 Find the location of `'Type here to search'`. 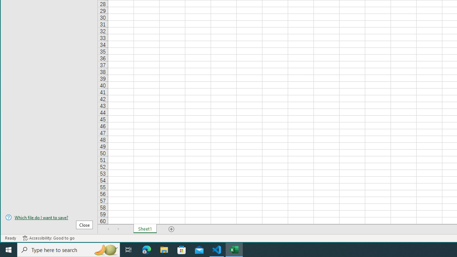

'Type here to search' is located at coordinates (69, 249).